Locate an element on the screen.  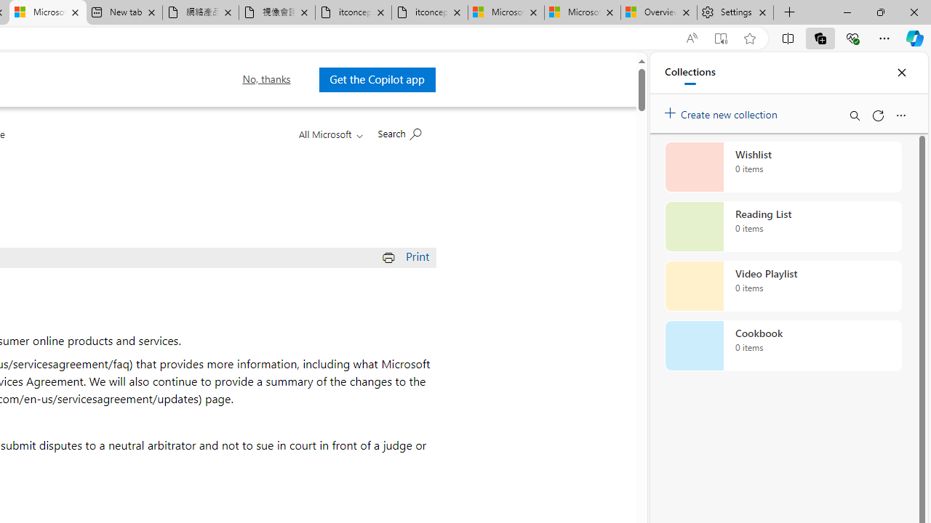
'Wishlist collection, 0 items' is located at coordinates (783, 166).